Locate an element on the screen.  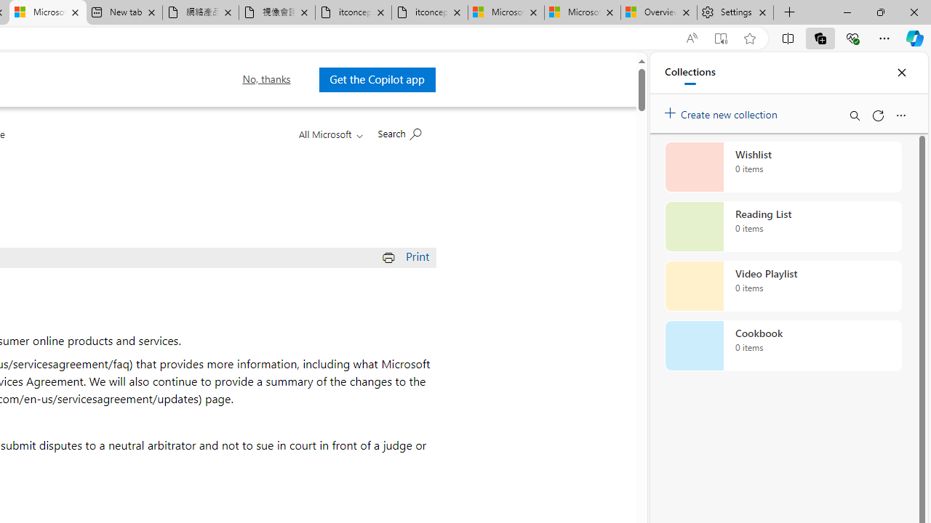
'Wishlist collection, 0 items' is located at coordinates (783, 166).